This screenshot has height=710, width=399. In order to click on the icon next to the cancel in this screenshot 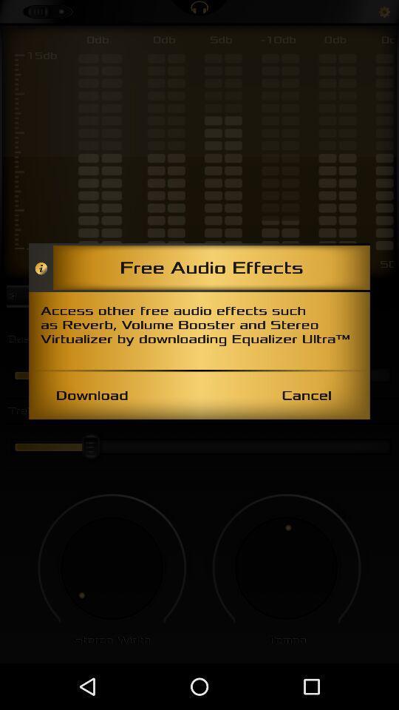, I will do `click(92, 394)`.